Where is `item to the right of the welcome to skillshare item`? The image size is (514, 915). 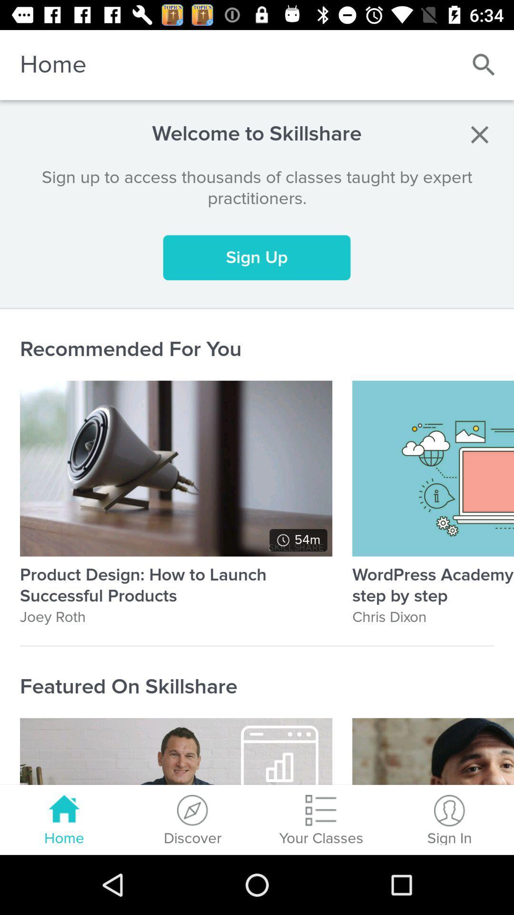 item to the right of the welcome to skillshare item is located at coordinates (479, 134).